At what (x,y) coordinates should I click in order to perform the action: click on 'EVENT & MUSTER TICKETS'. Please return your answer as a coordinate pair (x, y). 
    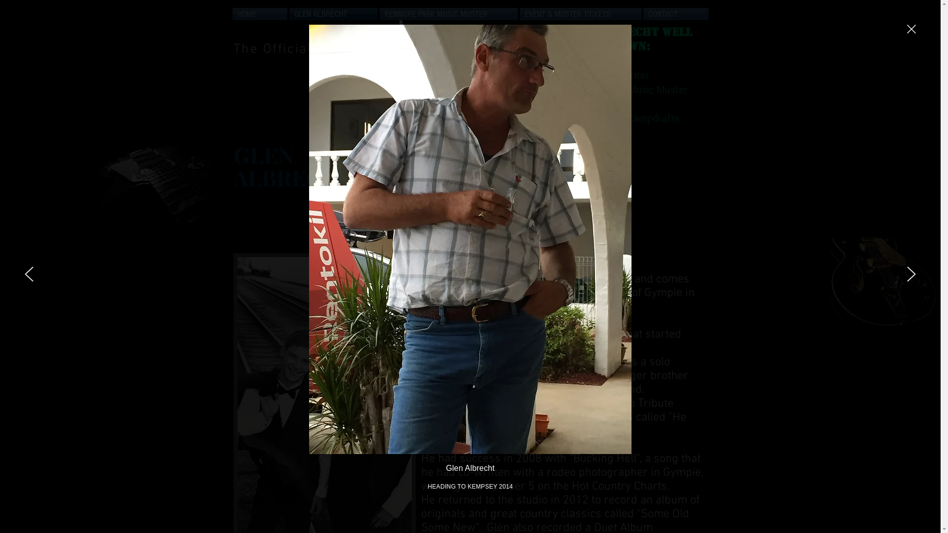
    Looking at the image, I should click on (580, 14).